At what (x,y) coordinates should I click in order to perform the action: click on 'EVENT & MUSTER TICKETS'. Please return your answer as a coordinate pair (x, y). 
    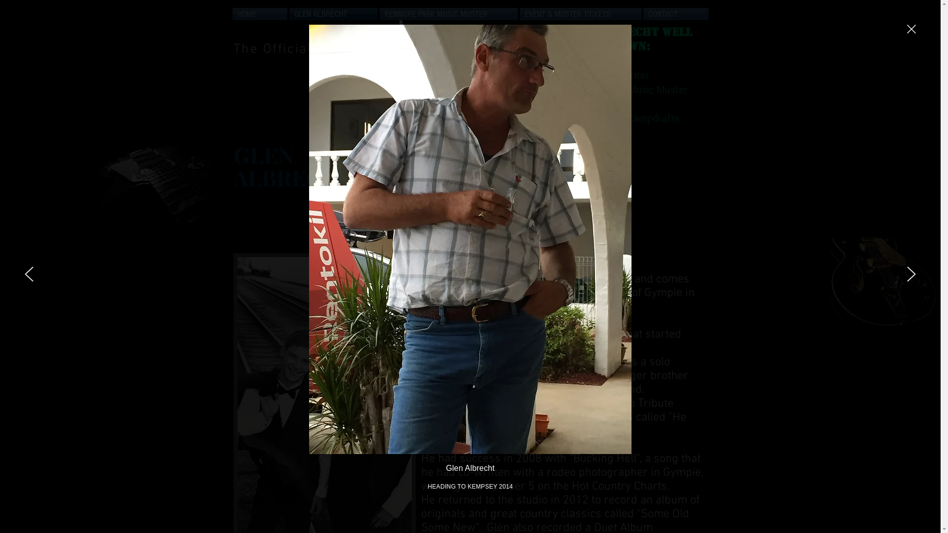
    Looking at the image, I should click on (580, 14).